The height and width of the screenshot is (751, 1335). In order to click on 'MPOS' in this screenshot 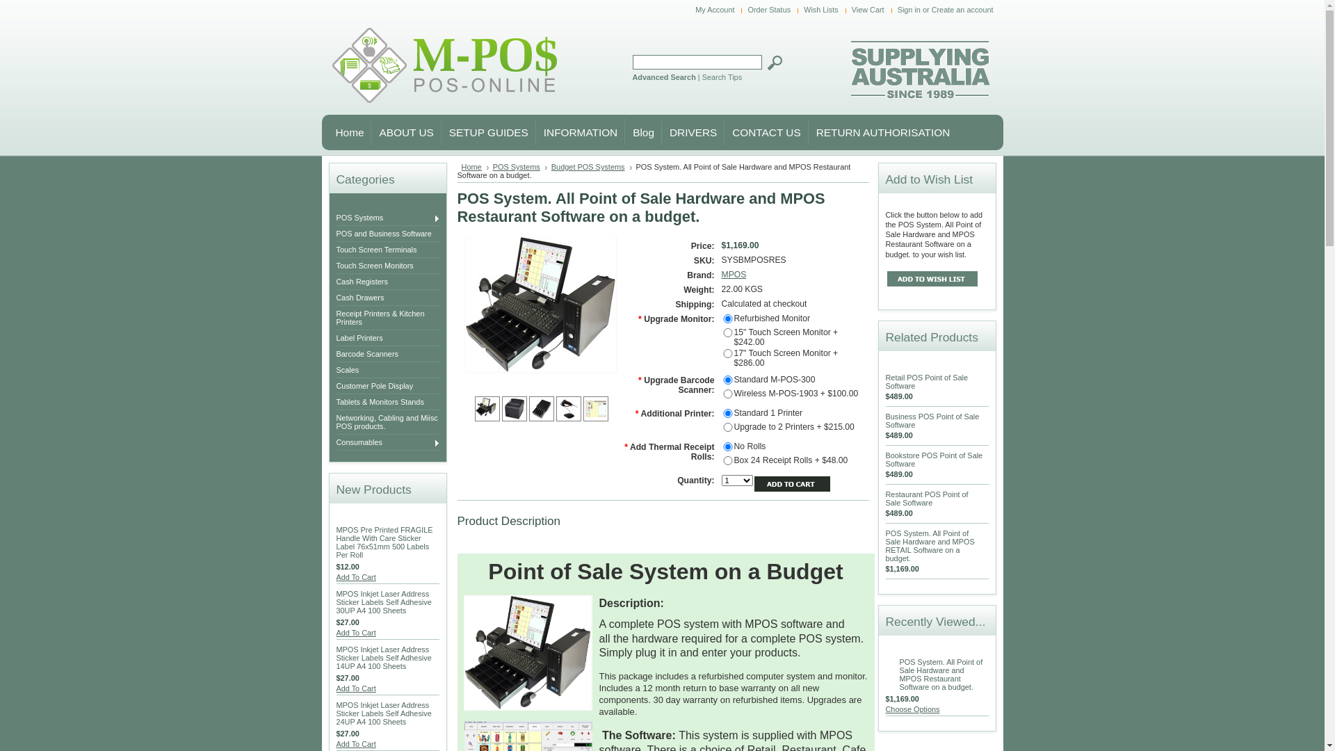, I will do `click(734, 274)`.